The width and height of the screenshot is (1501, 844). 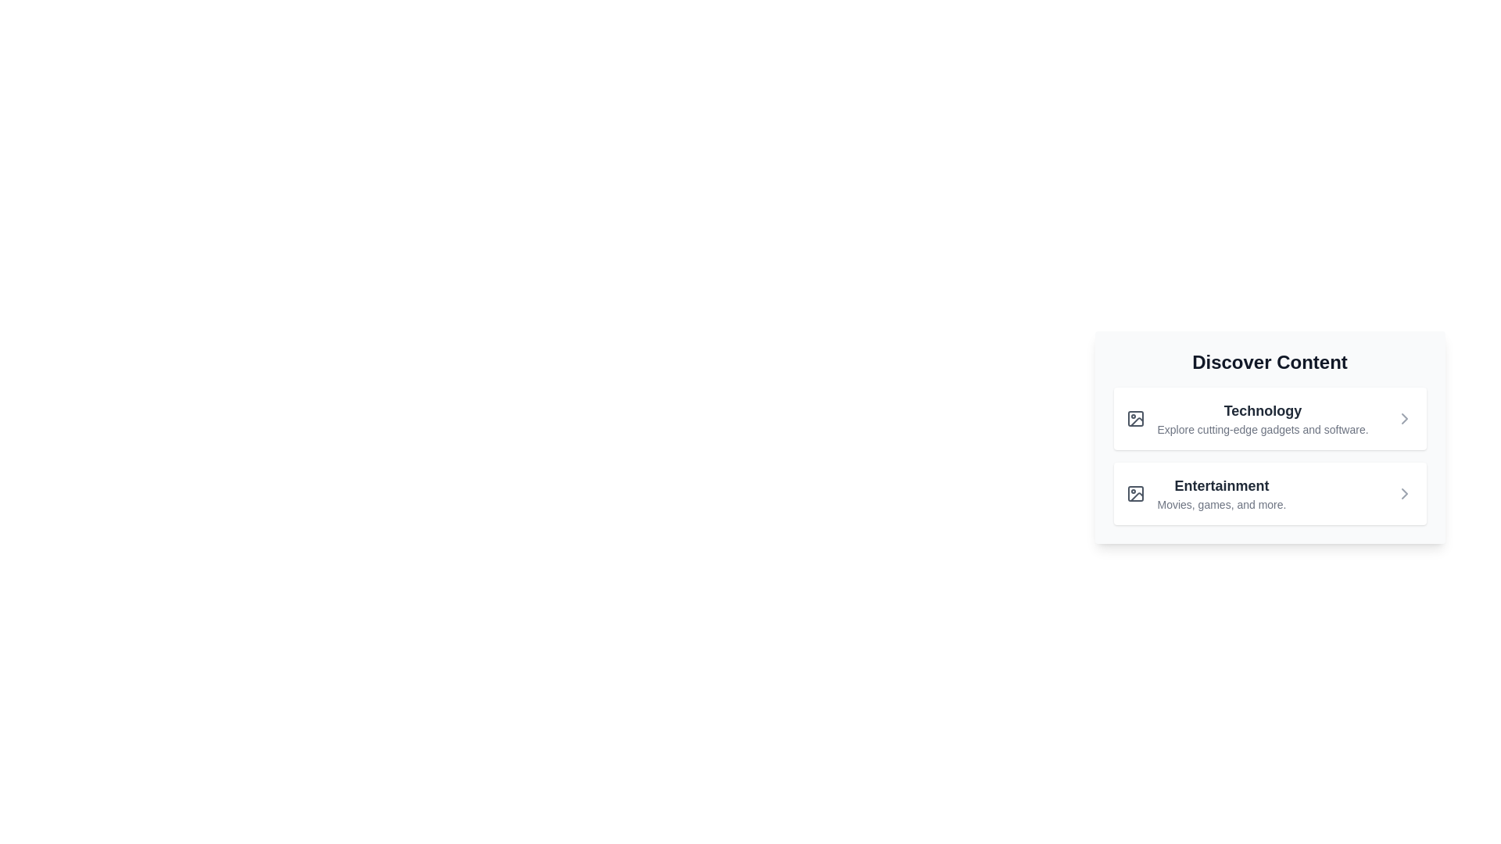 What do you see at coordinates (1221, 504) in the screenshot?
I see `the text label that provides a description for the 'Entertainment' section, located directly under the 'Entertainment' heading in the content card` at bounding box center [1221, 504].